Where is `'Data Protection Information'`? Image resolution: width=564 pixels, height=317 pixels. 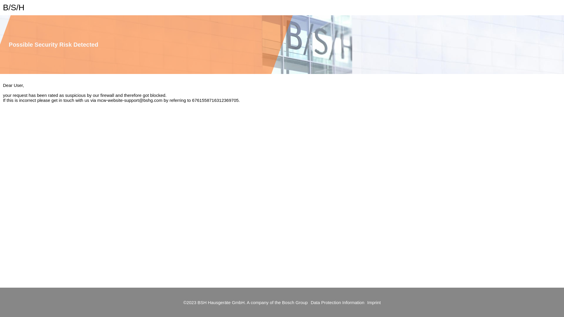 'Data Protection Information' is located at coordinates (307, 302).